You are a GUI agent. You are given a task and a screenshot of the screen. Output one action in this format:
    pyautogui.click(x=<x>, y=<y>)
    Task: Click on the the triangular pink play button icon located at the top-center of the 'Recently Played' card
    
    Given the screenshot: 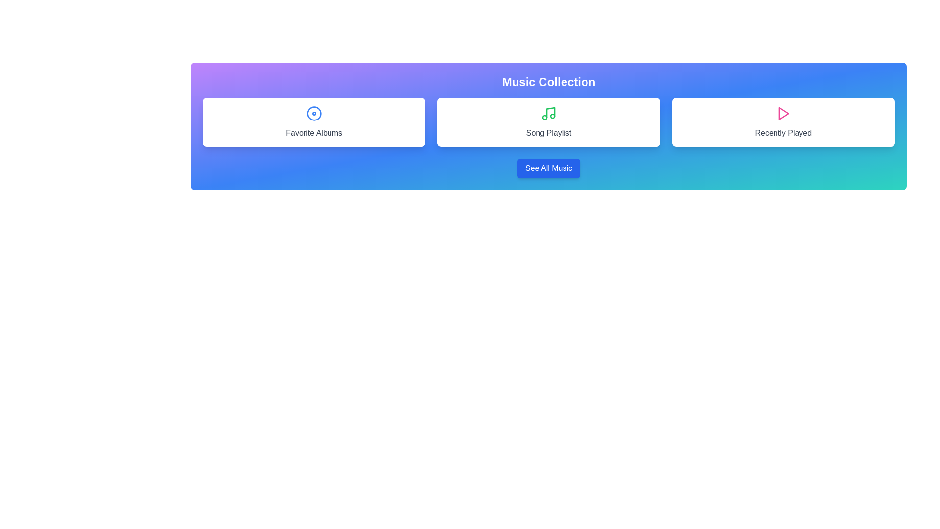 What is the action you would take?
    pyautogui.click(x=783, y=113)
    